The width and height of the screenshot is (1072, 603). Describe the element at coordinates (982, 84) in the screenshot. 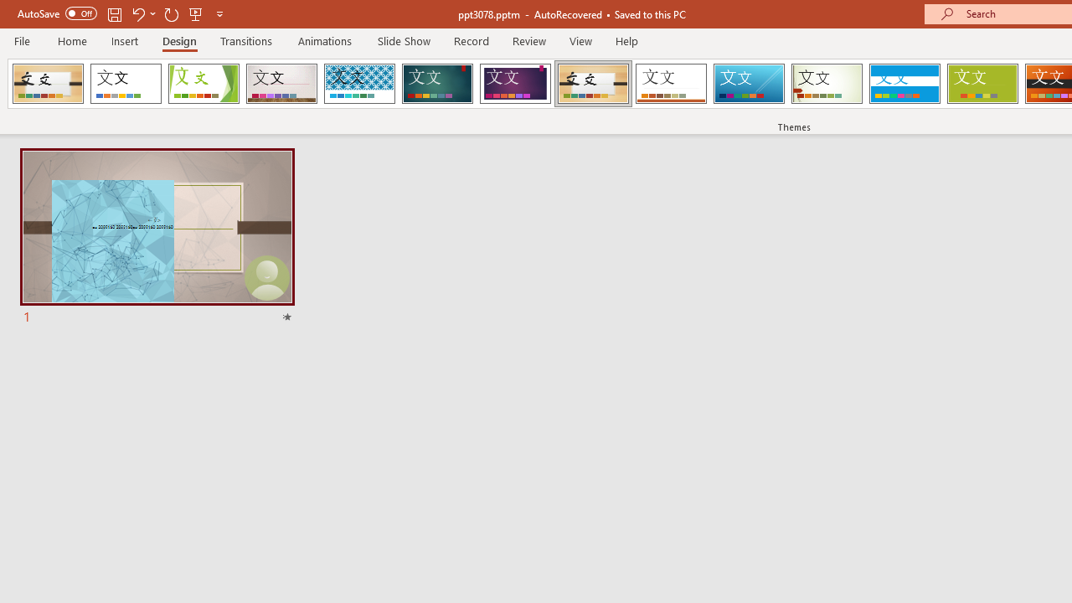

I see `'Basis'` at that location.